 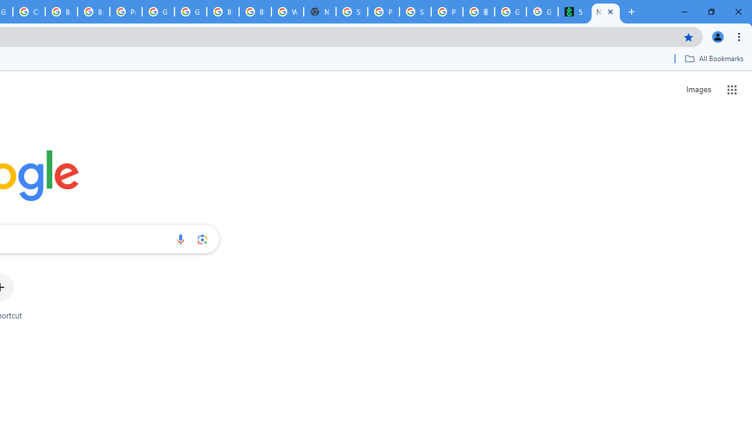 I want to click on 'Google Cloud Platform', so click(x=157, y=12).